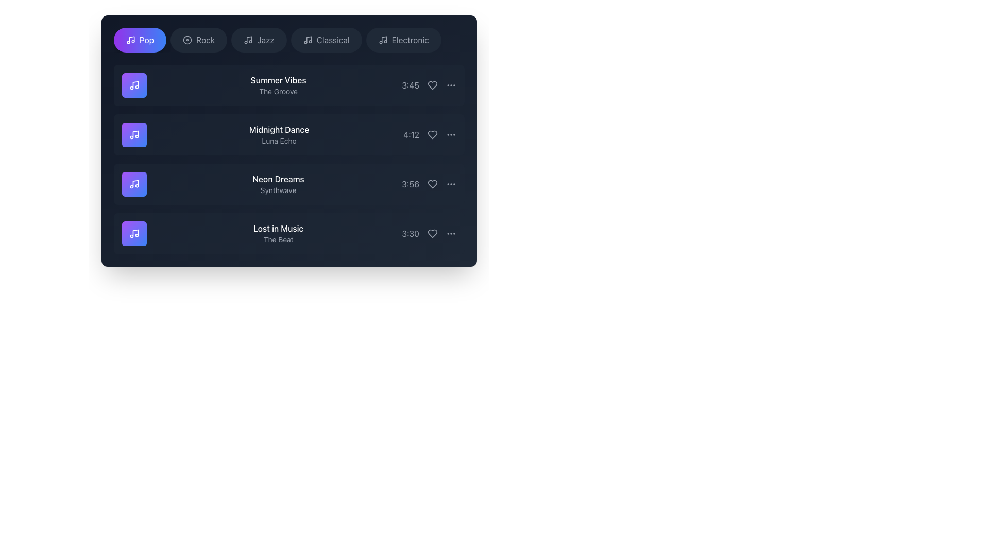 The image size is (989, 556). I want to click on the 'Classical' button which contains a minimalist icon resembling musical notes, indicating audio features, so click(307, 39).